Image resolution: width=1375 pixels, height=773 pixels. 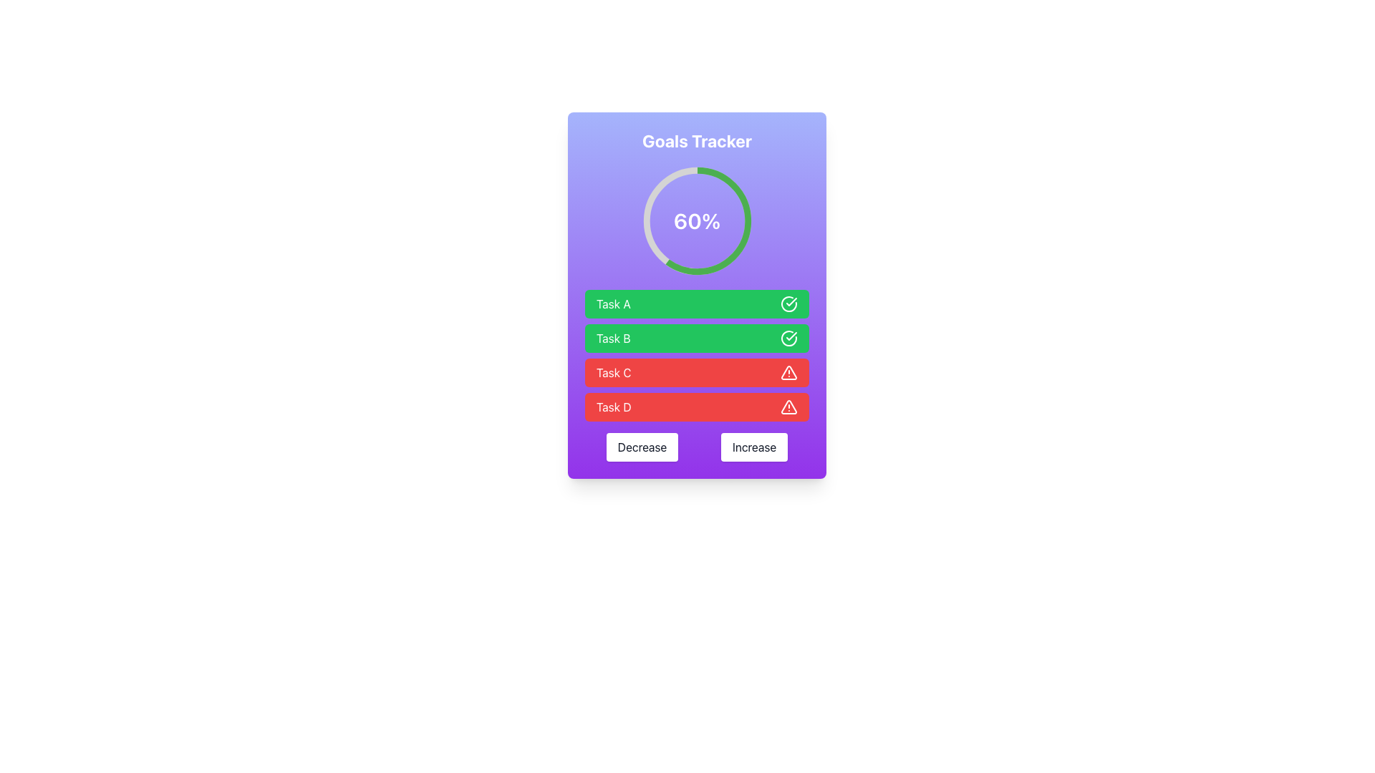 I want to click on the Text Label reading 'Task A', which is displayed in white text on a green background, located in the 'Goals Tracker' panel, so click(x=613, y=303).